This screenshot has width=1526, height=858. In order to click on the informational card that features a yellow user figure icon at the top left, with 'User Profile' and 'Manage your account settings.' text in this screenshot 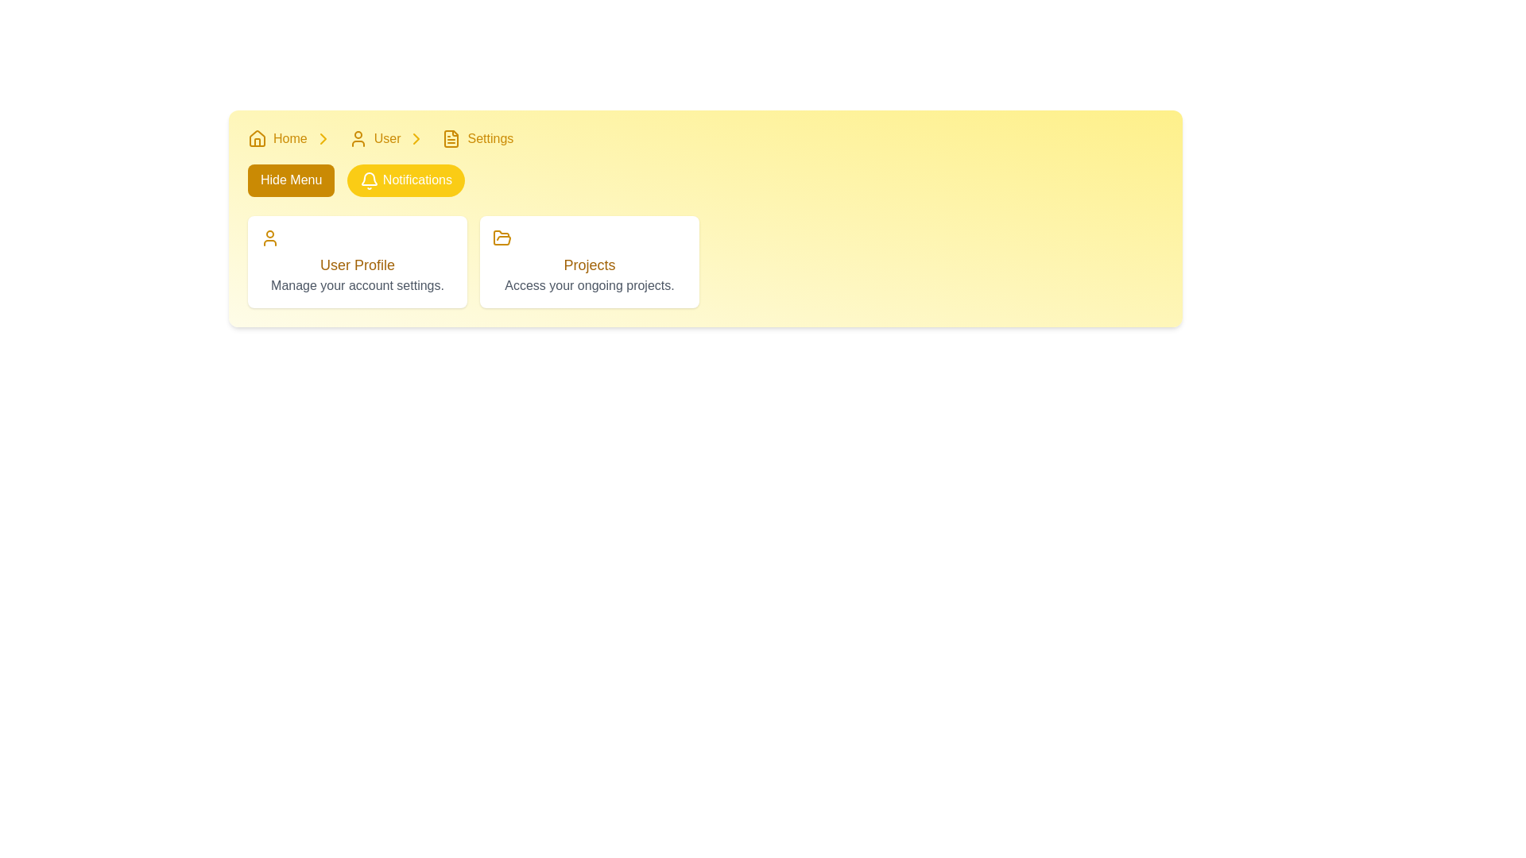, I will do `click(357, 260)`.